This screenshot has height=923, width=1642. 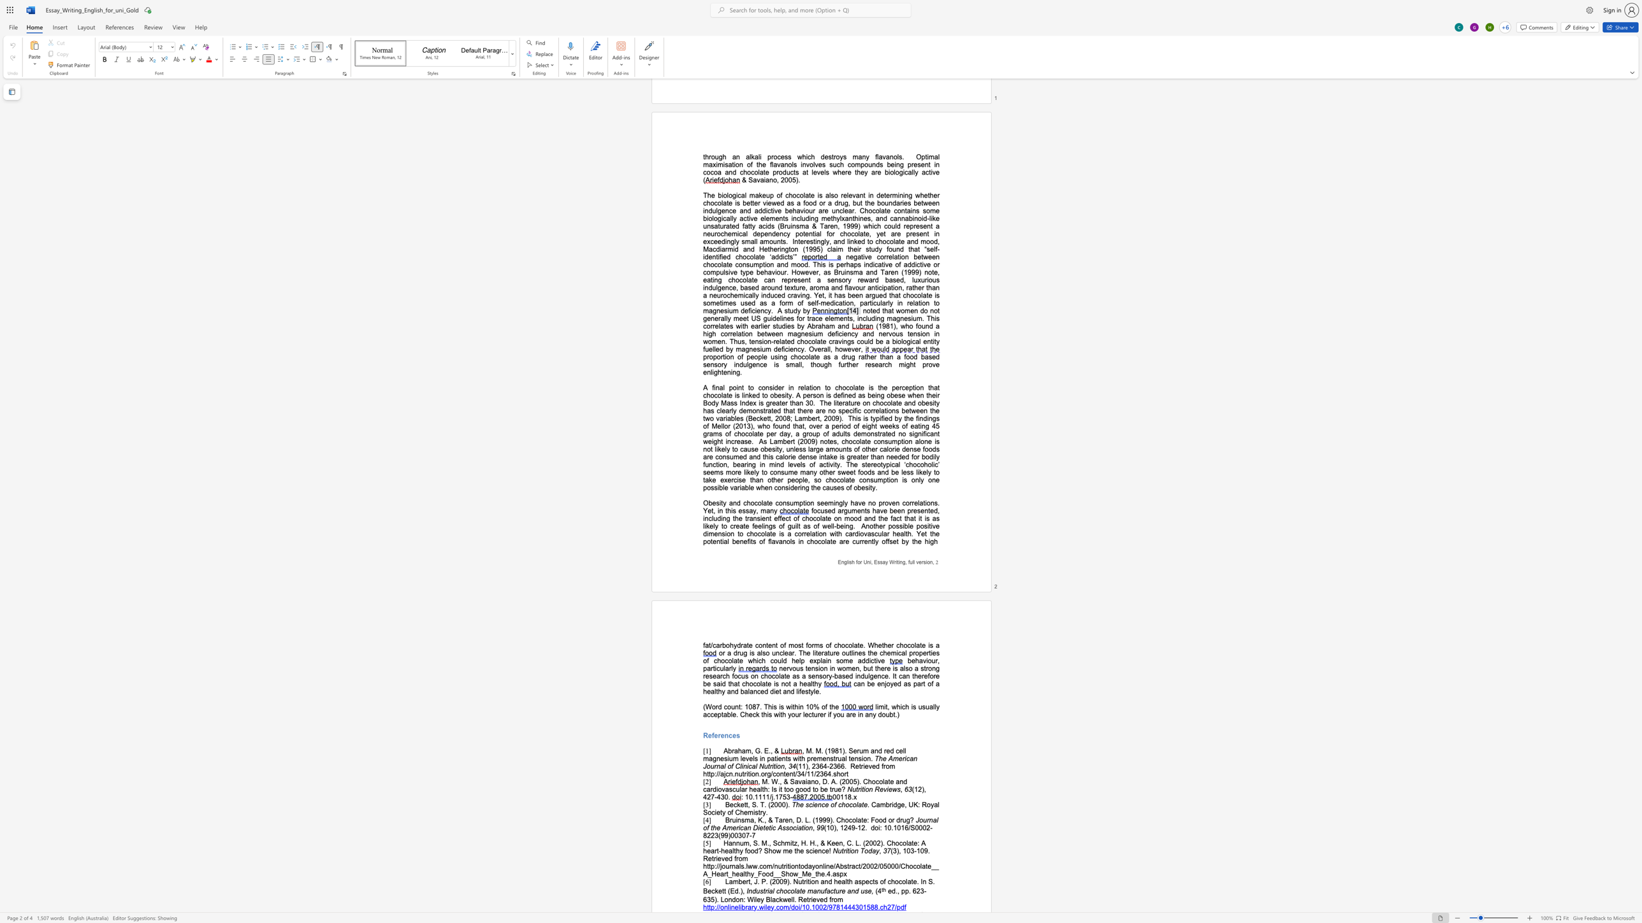 What do you see at coordinates (727, 510) in the screenshot?
I see `the space between the continuous character "t" and "h" in the text` at bounding box center [727, 510].